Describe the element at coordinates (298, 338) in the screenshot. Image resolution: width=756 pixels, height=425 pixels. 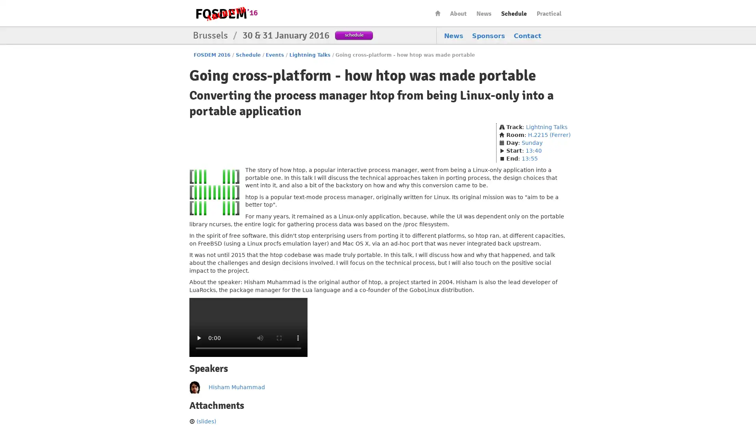
I see `show more media controls` at that location.